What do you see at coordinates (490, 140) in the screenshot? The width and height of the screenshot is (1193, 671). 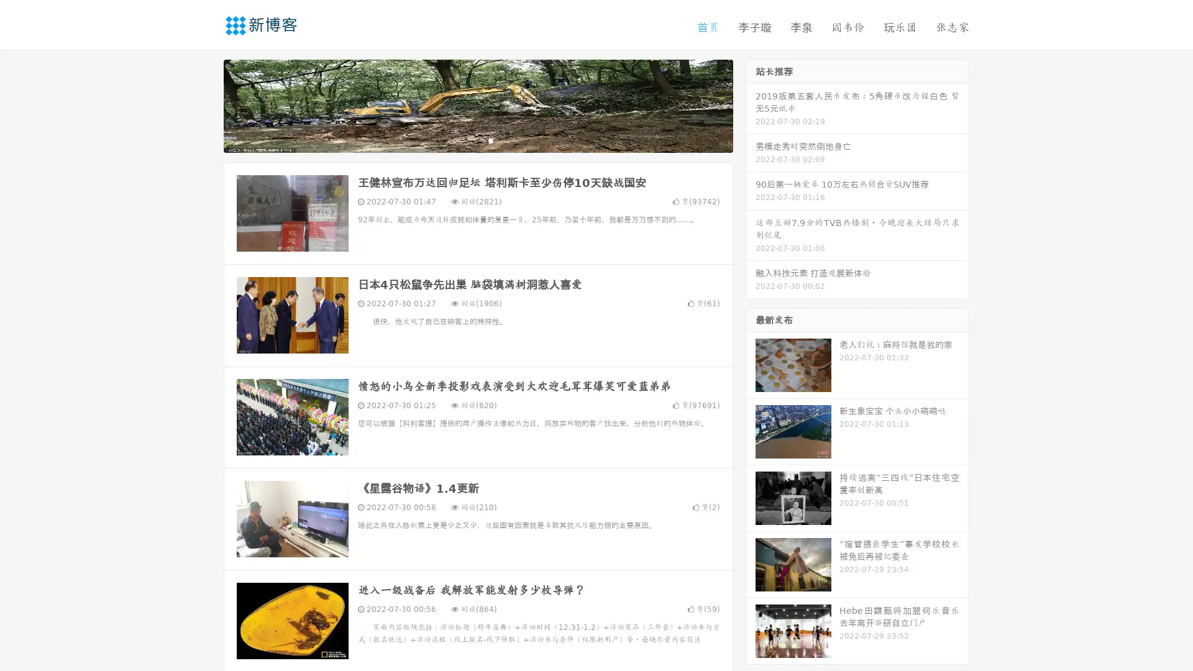 I see `Go to slide 3` at bounding box center [490, 140].